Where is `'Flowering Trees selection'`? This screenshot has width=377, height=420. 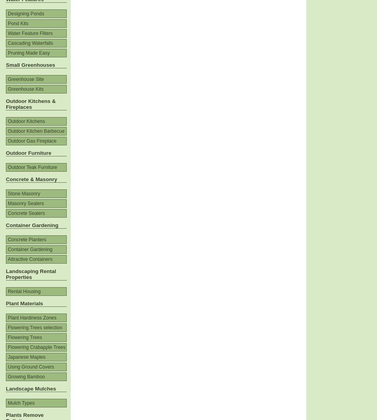
'Flowering Trees selection' is located at coordinates (35, 328).